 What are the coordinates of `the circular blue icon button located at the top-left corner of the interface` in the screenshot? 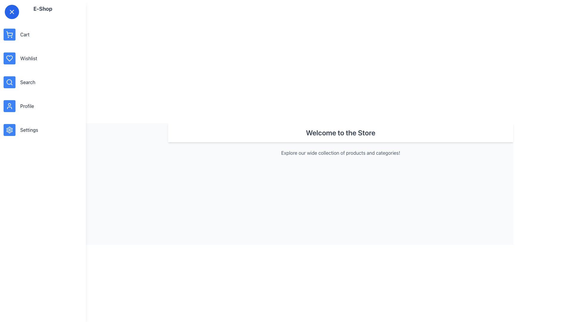 It's located at (12, 12).